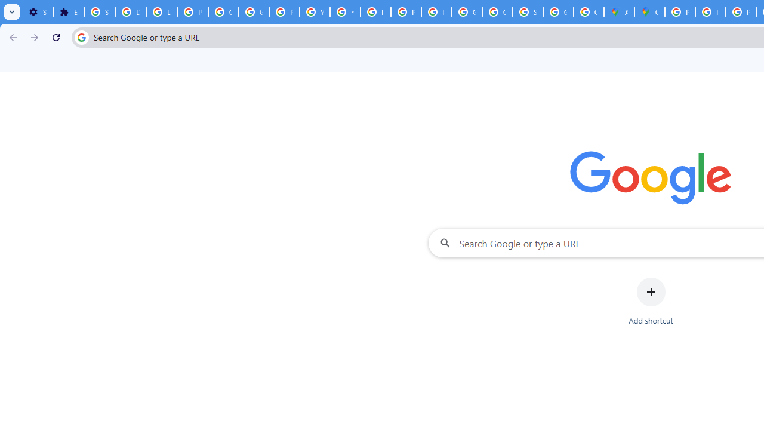 Image resolution: width=764 pixels, height=430 pixels. What do you see at coordinates (315, 12) in the screenshot?
I see `'YouTube'` at bounding box center [315, 12].